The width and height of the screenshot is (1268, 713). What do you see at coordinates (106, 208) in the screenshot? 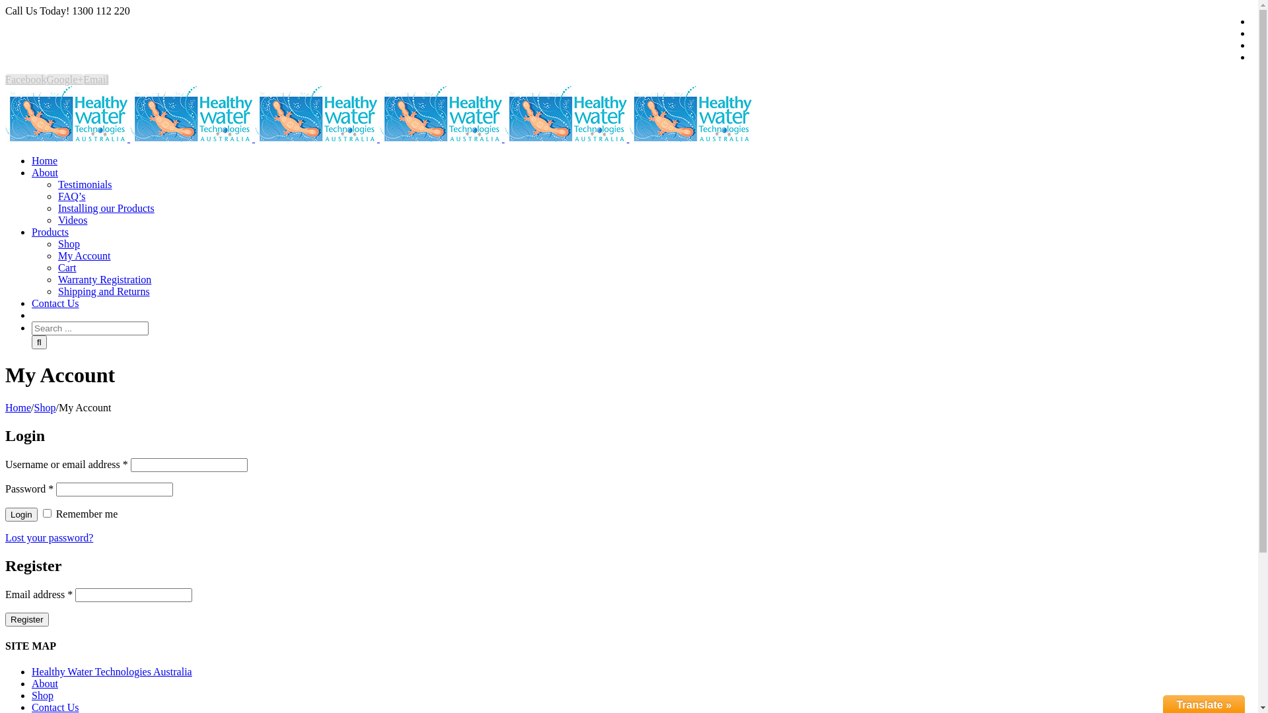
I see `'Installing our Products'` at bounding box center [106, 208].